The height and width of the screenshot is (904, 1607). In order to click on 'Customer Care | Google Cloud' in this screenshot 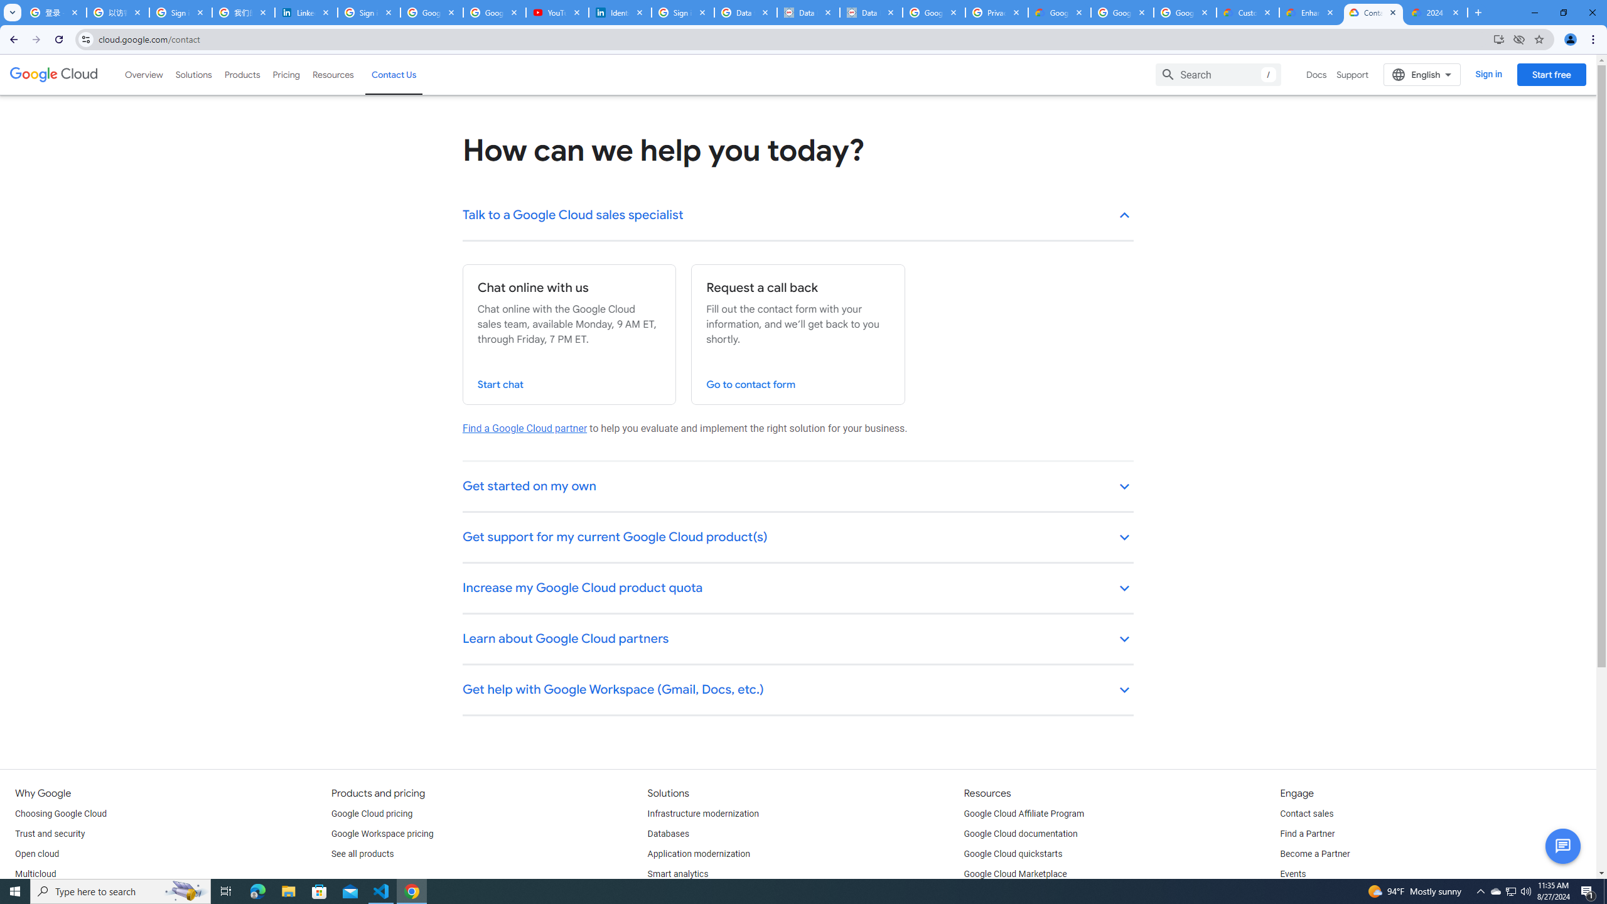, I will do `click(1249, 12)`.